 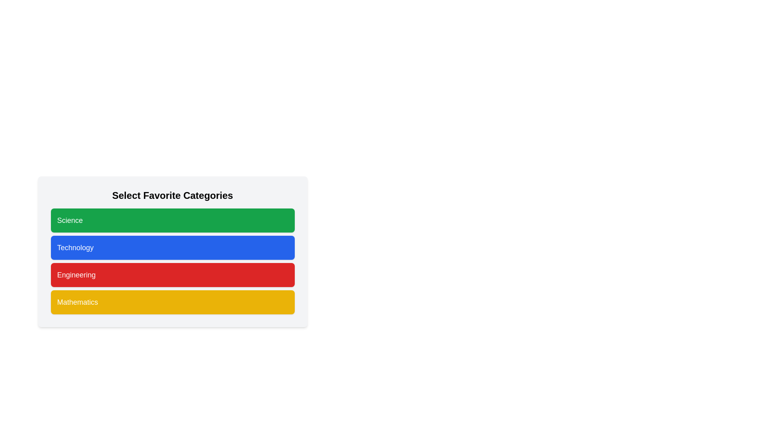 I want to click on text of the 'Mathematics' label, which is the descriptive text within the last button of a vertically stacked list of four buttons on a yellow background, so click(x=77, y=302).